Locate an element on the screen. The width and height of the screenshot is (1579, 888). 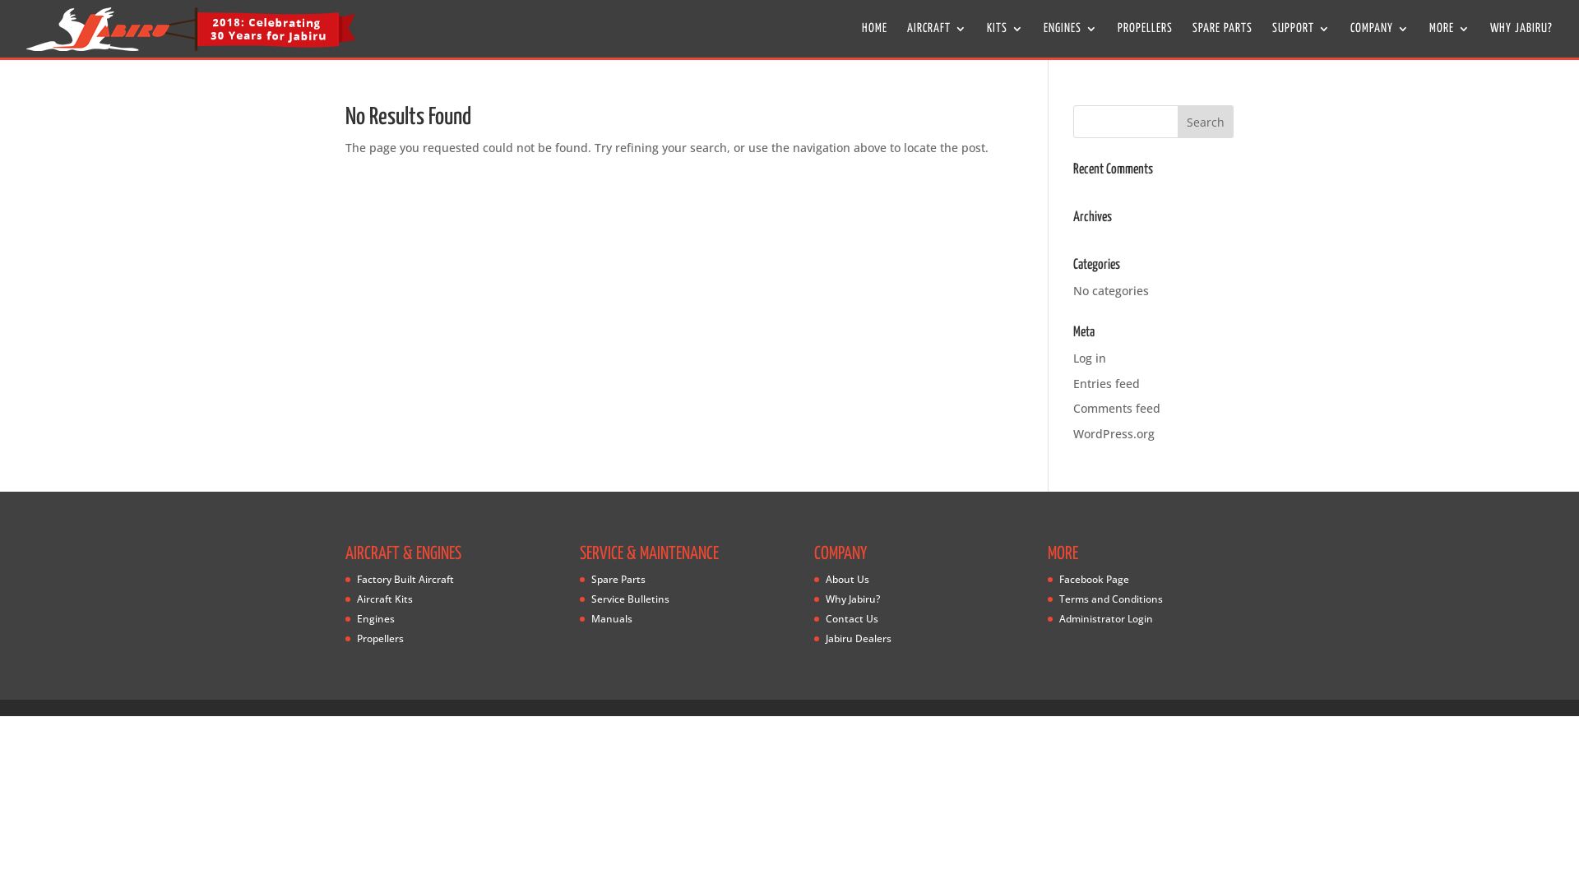
'SPARE PARTS' is located at coordinates (1222, 39).